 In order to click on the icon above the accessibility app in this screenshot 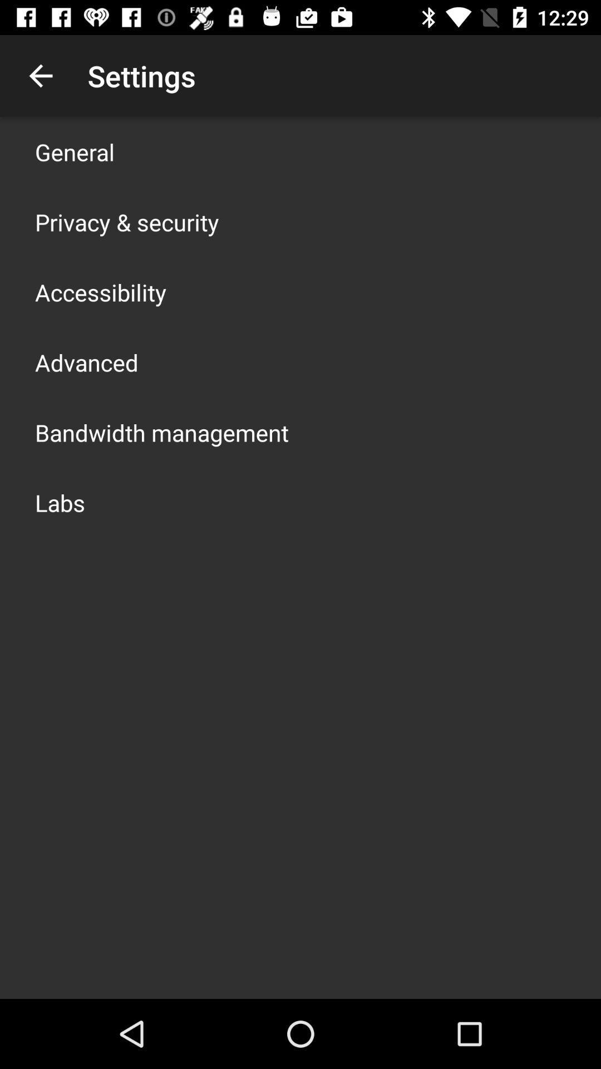, I will do `click(126, 222)`.